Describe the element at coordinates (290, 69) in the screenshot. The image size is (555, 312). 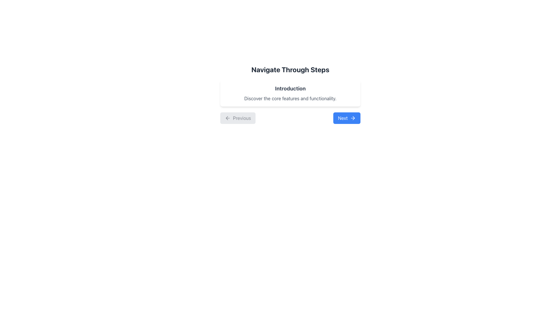
I see `text from the header label positioned at the top center of the content section, directly above the 'Introduction' heading` at that location.